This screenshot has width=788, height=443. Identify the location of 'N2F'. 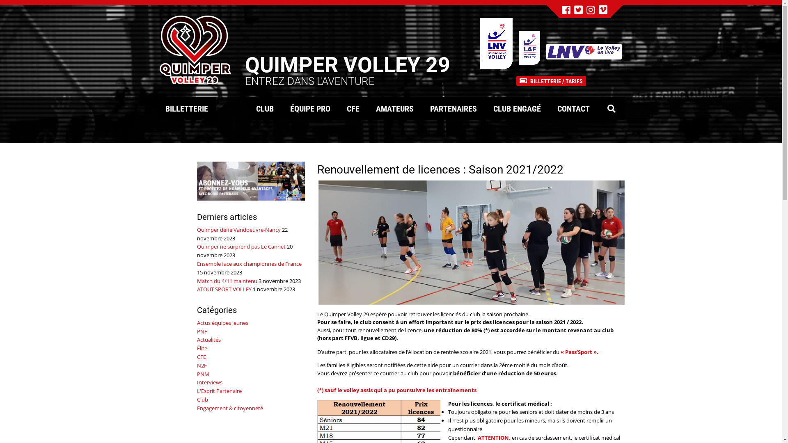
(202, 365).